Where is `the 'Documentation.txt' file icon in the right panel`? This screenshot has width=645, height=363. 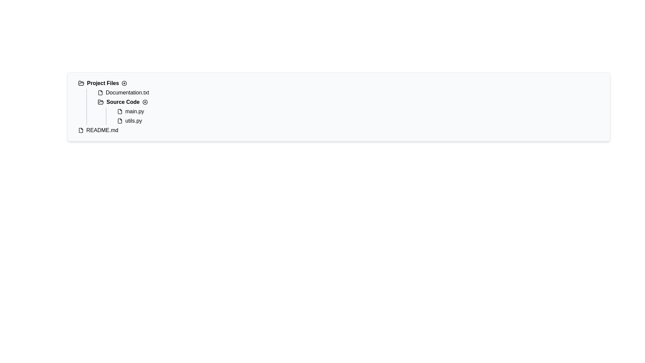
the 'Documentation.txt' file icon in the right panel is located at coordinates (100, 93).